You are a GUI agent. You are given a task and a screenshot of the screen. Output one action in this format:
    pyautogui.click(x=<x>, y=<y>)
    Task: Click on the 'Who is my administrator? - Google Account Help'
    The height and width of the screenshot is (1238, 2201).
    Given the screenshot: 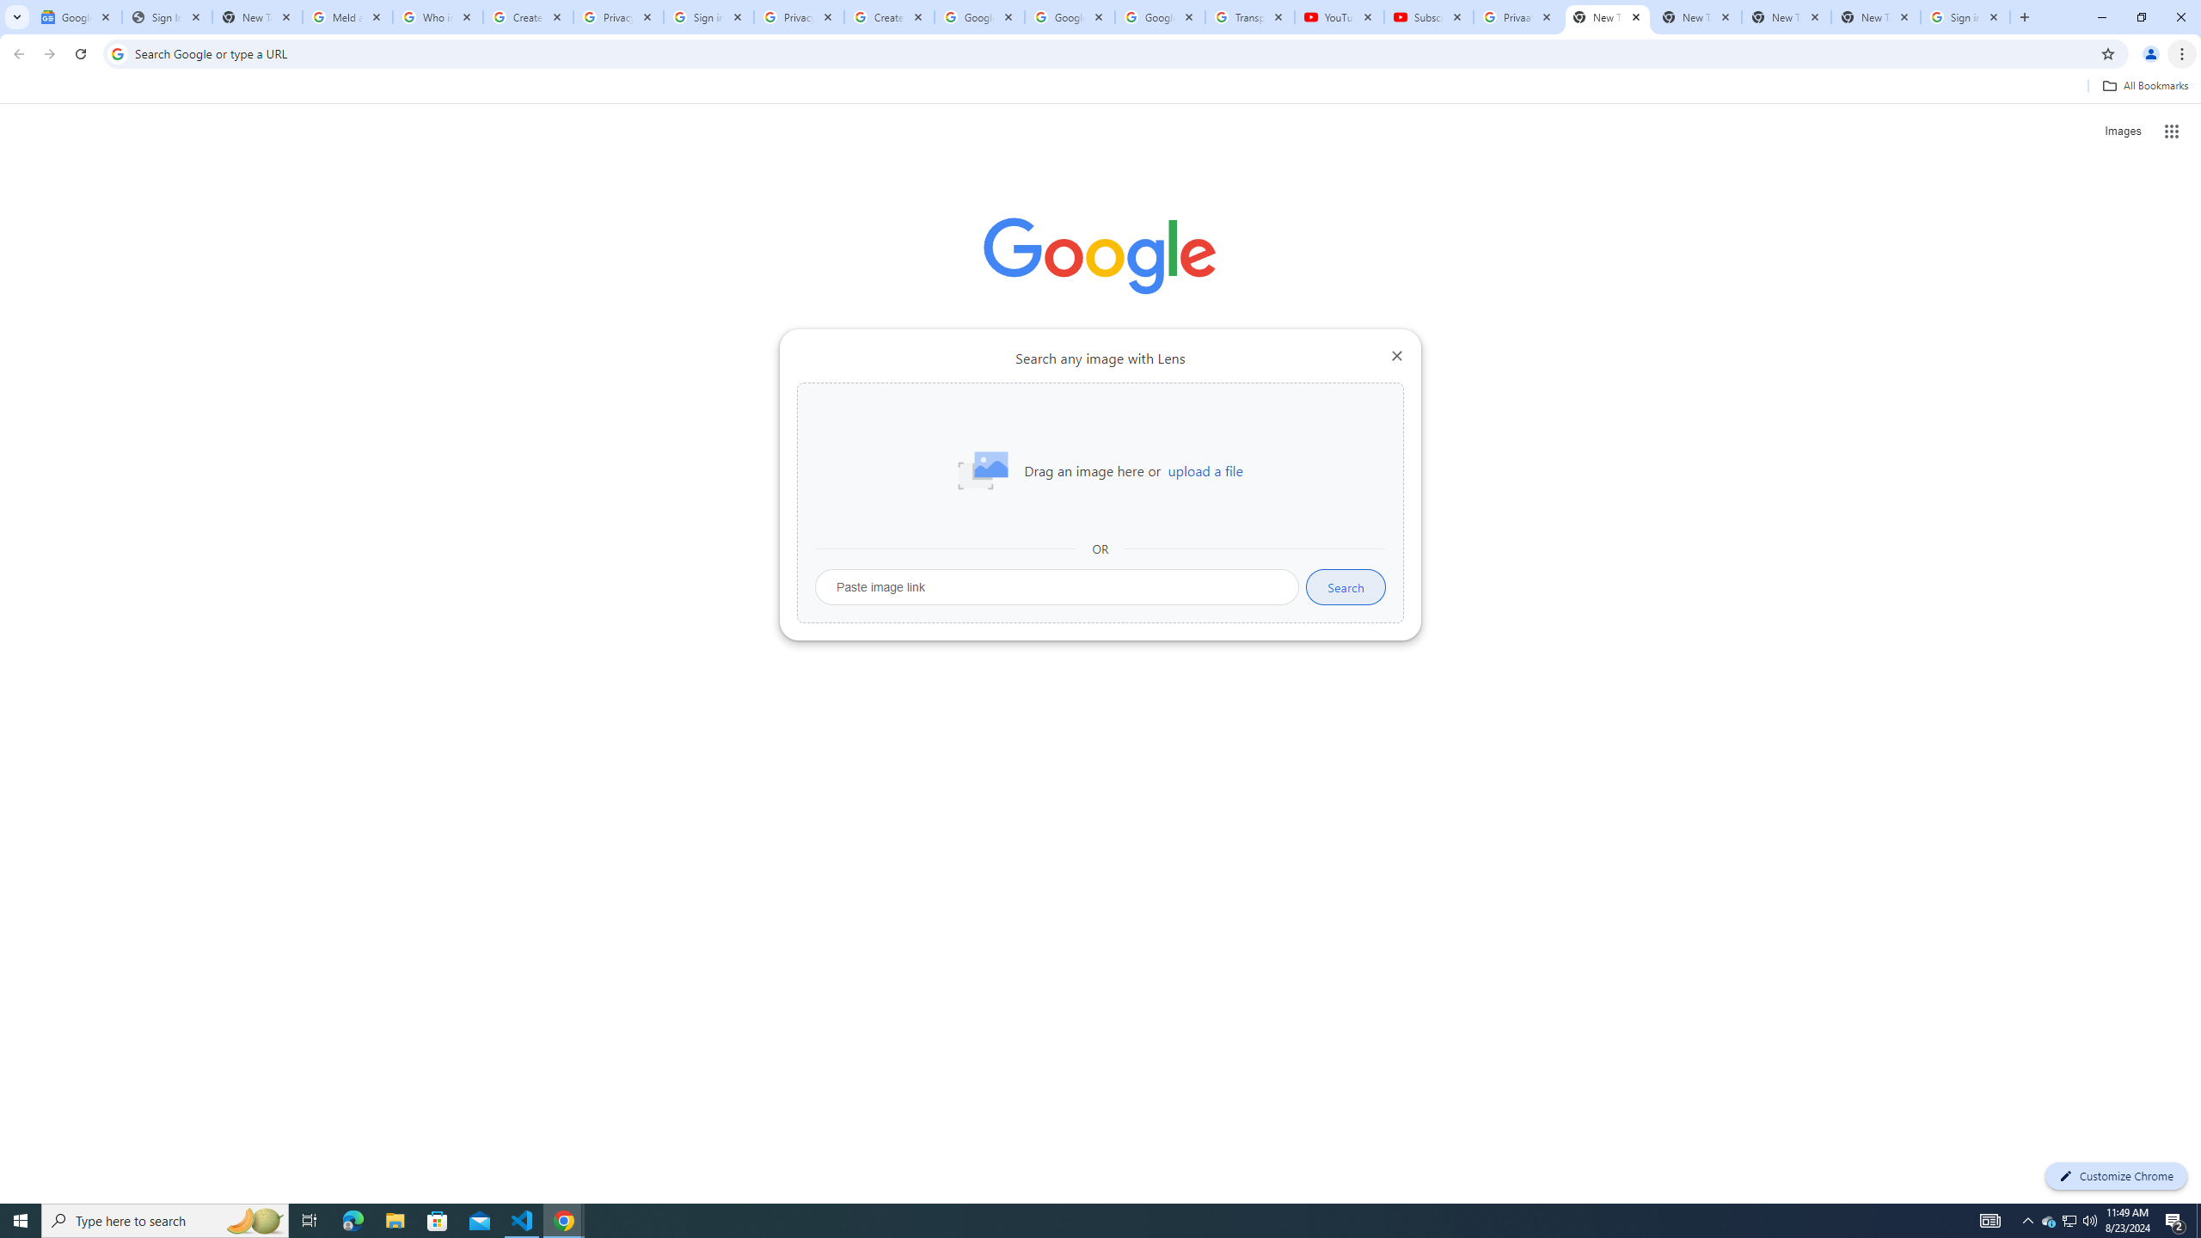 What is the action you would take?
    pyautogui.click(x=438, y=16)
    